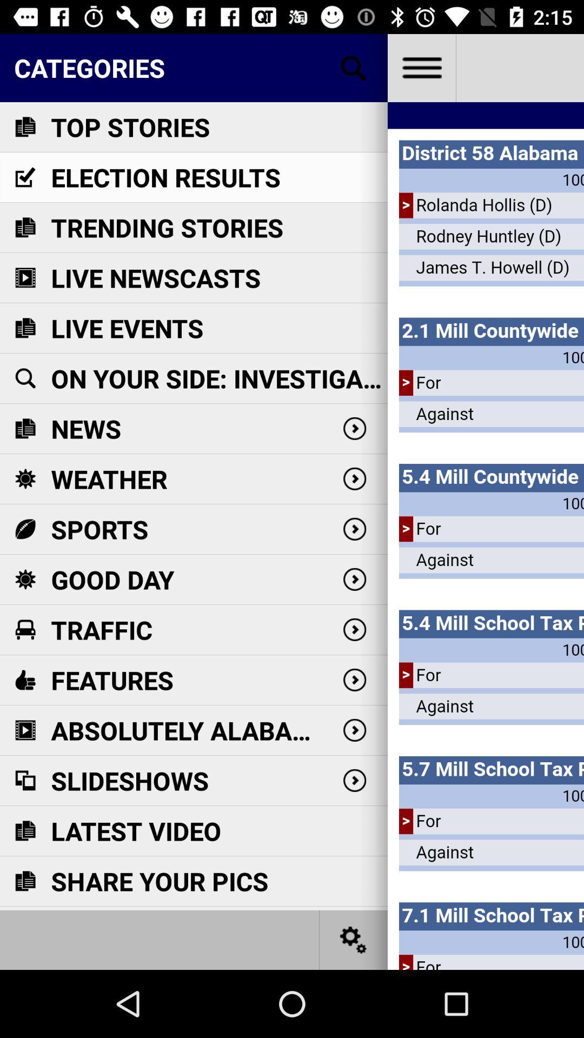  I want to click on the search icon, so click(354, 67).